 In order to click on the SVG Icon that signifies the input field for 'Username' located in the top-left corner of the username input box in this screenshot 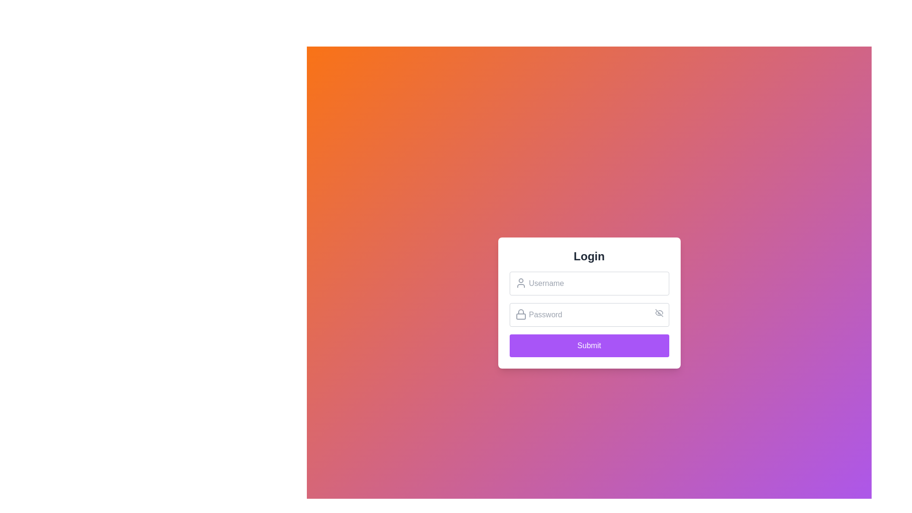, I will do `click(520, 283)`.